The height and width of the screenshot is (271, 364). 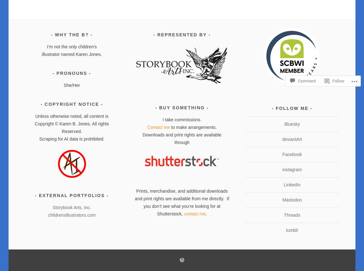 I want to click on 'She/Her', so click(x=63, y=85).